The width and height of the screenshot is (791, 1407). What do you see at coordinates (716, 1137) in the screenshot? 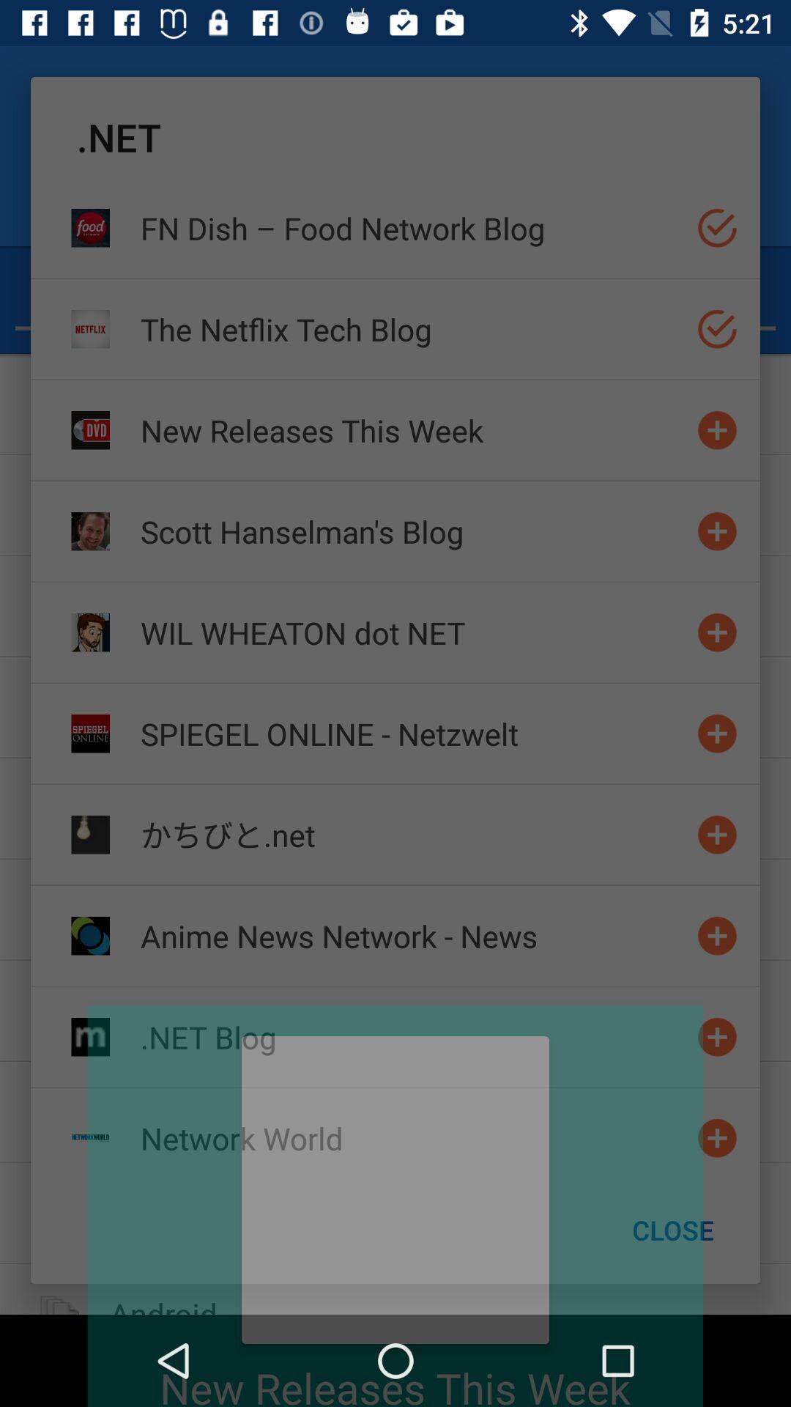
I see `bookmark` at bounding box center [716, 1137].